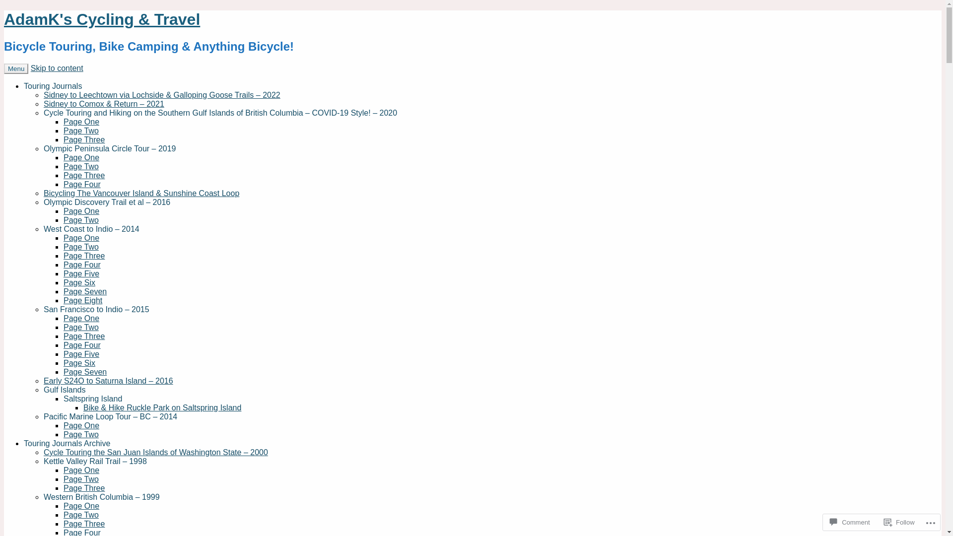  Describe the element at coordinates (24, 443) in the screenshot. I see `'Touring Journals Archive'` at that location.